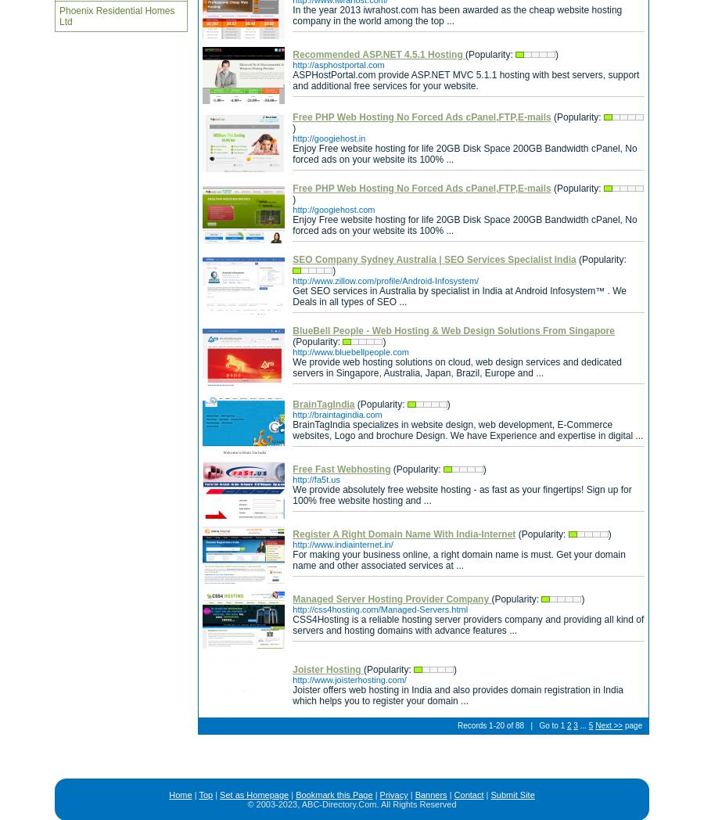  Describe the element at coordinates (490, 725) in the screenshot. I see `'Records 1-20 of 88'` at that location.